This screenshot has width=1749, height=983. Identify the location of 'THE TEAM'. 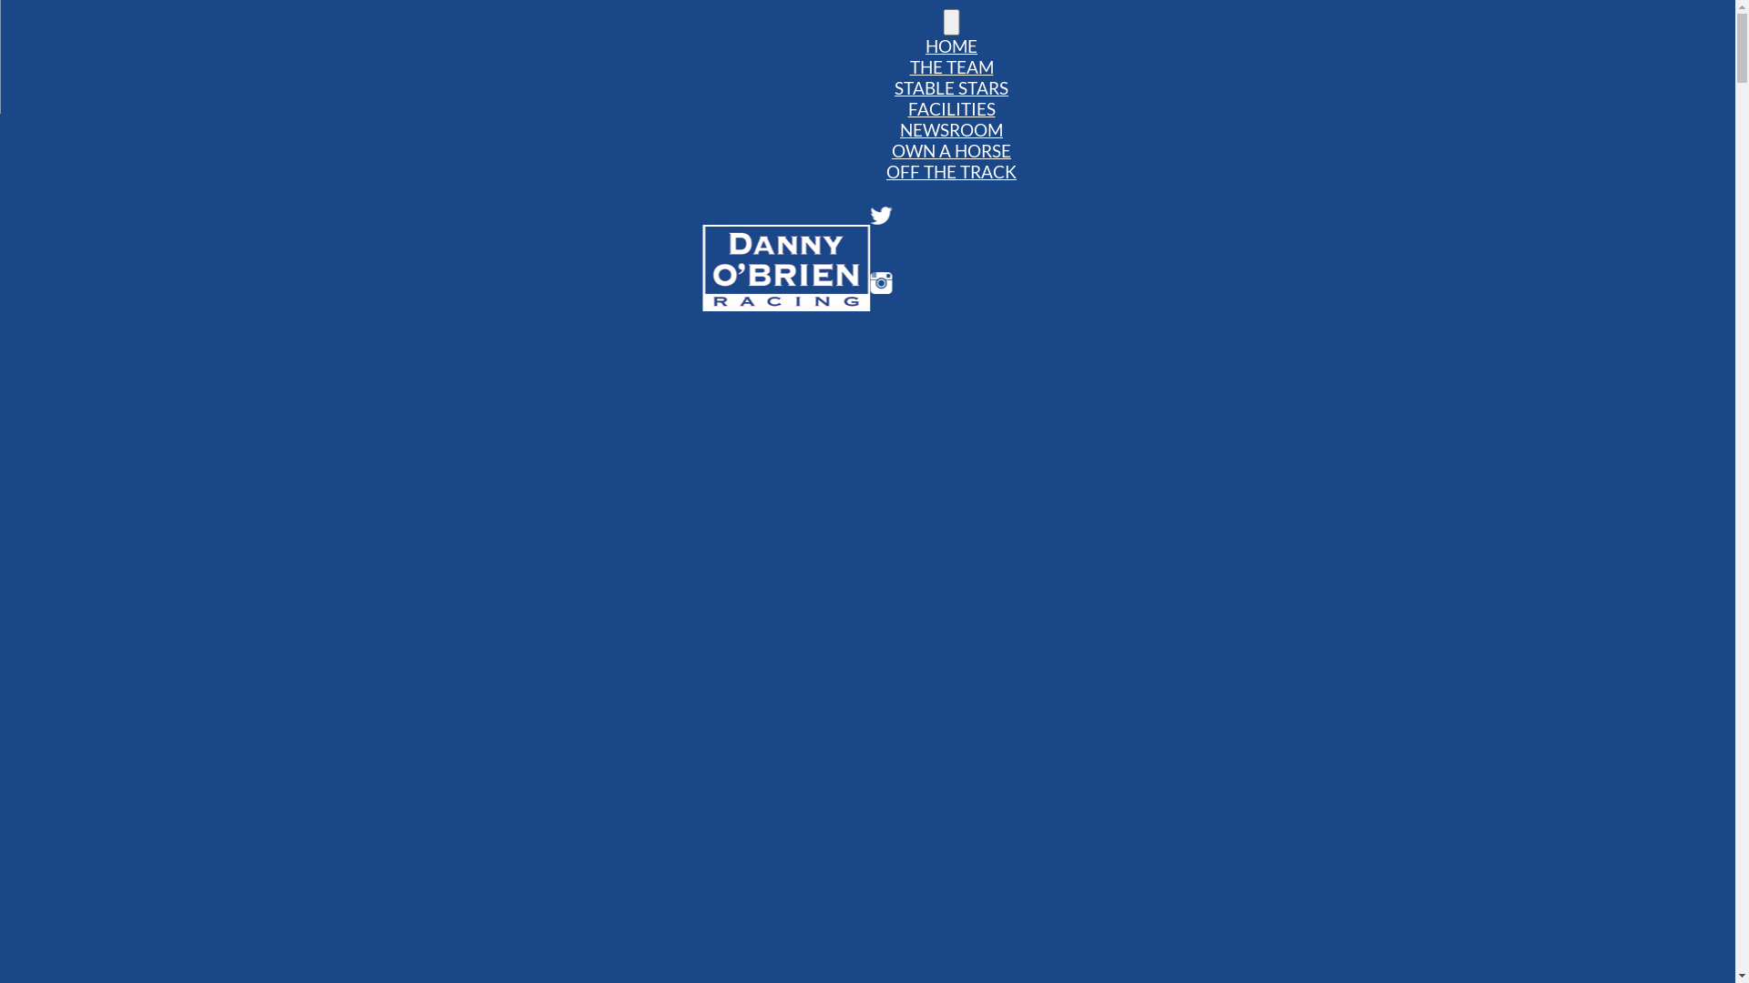
(949, 66).